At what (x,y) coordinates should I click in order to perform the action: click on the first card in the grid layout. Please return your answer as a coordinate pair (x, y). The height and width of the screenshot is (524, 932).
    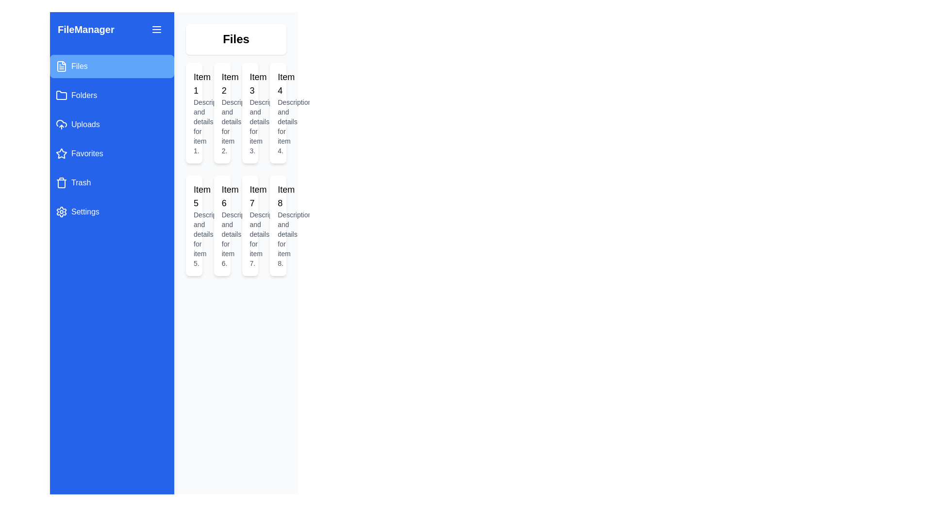
    Looking at the image, I should click on (194, 112).